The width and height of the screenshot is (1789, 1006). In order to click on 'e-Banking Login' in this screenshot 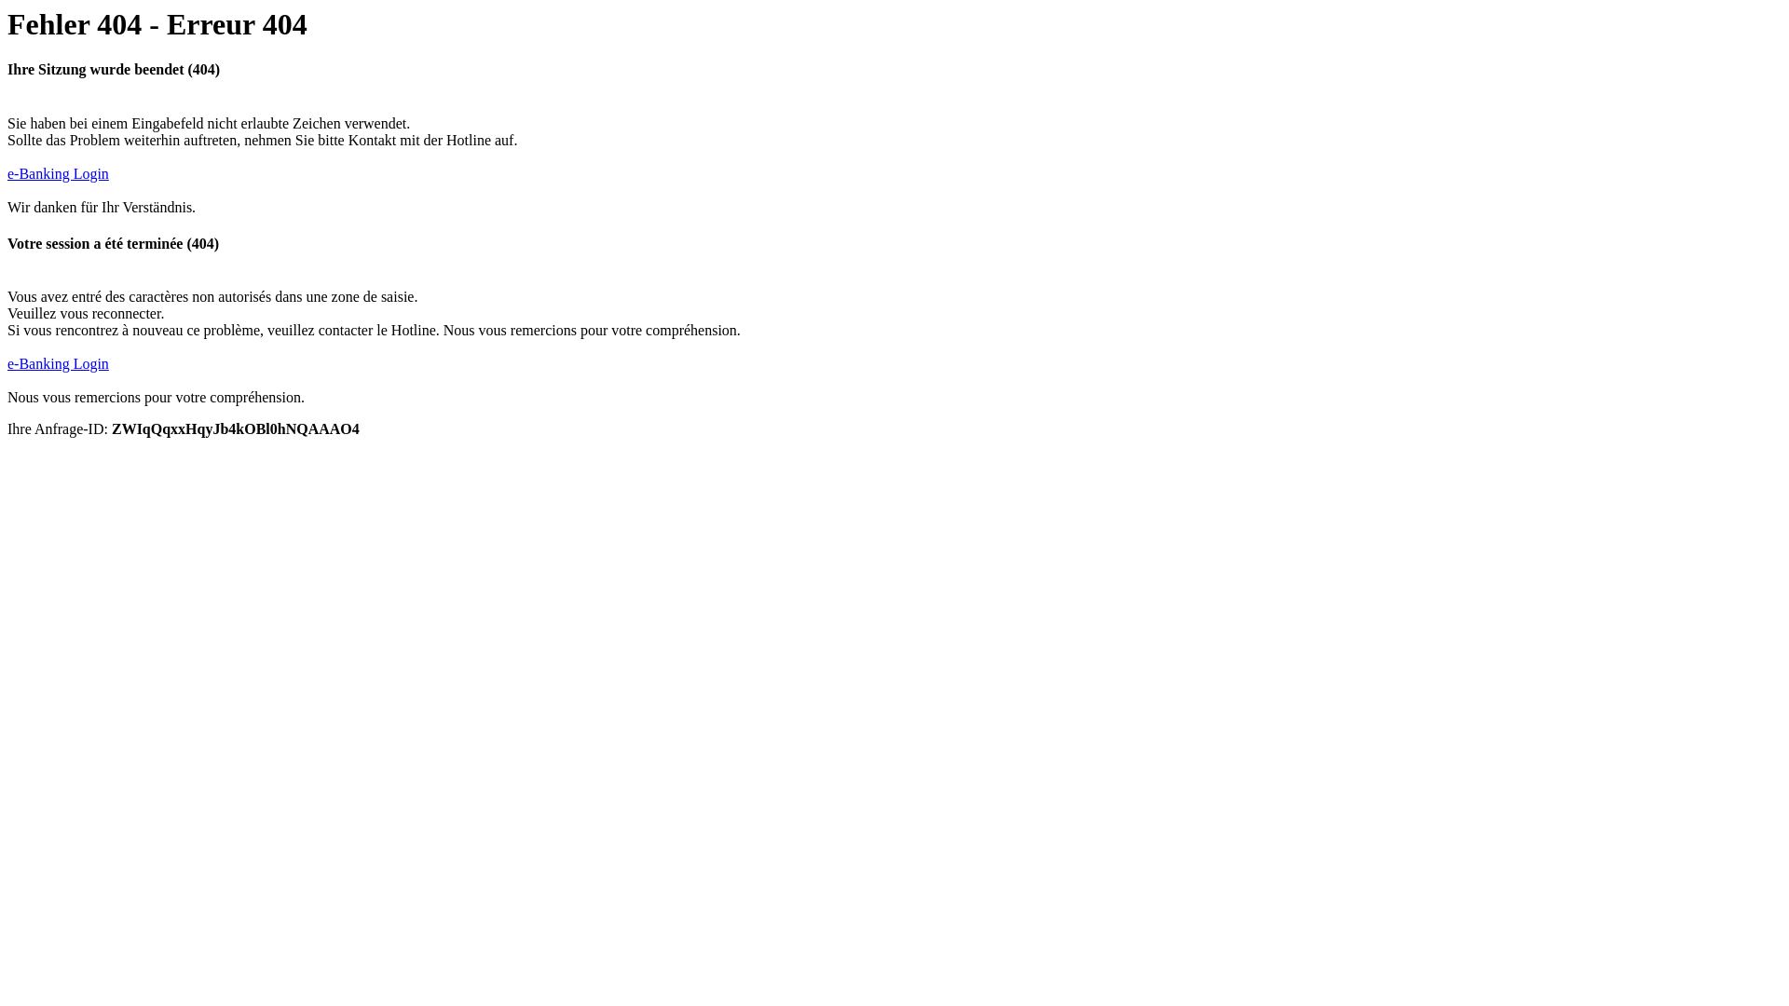, I will do `click(58, 173)`.